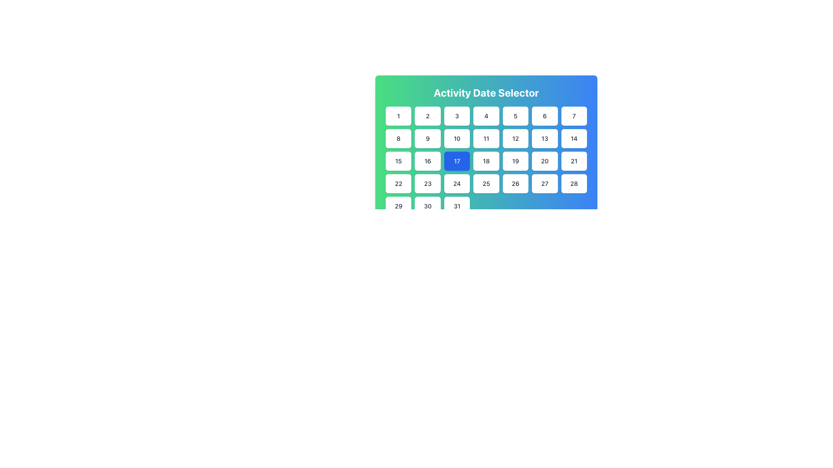  I want to click on the rectangular white button with rounded borders containing the number '30', so click(427, 206).